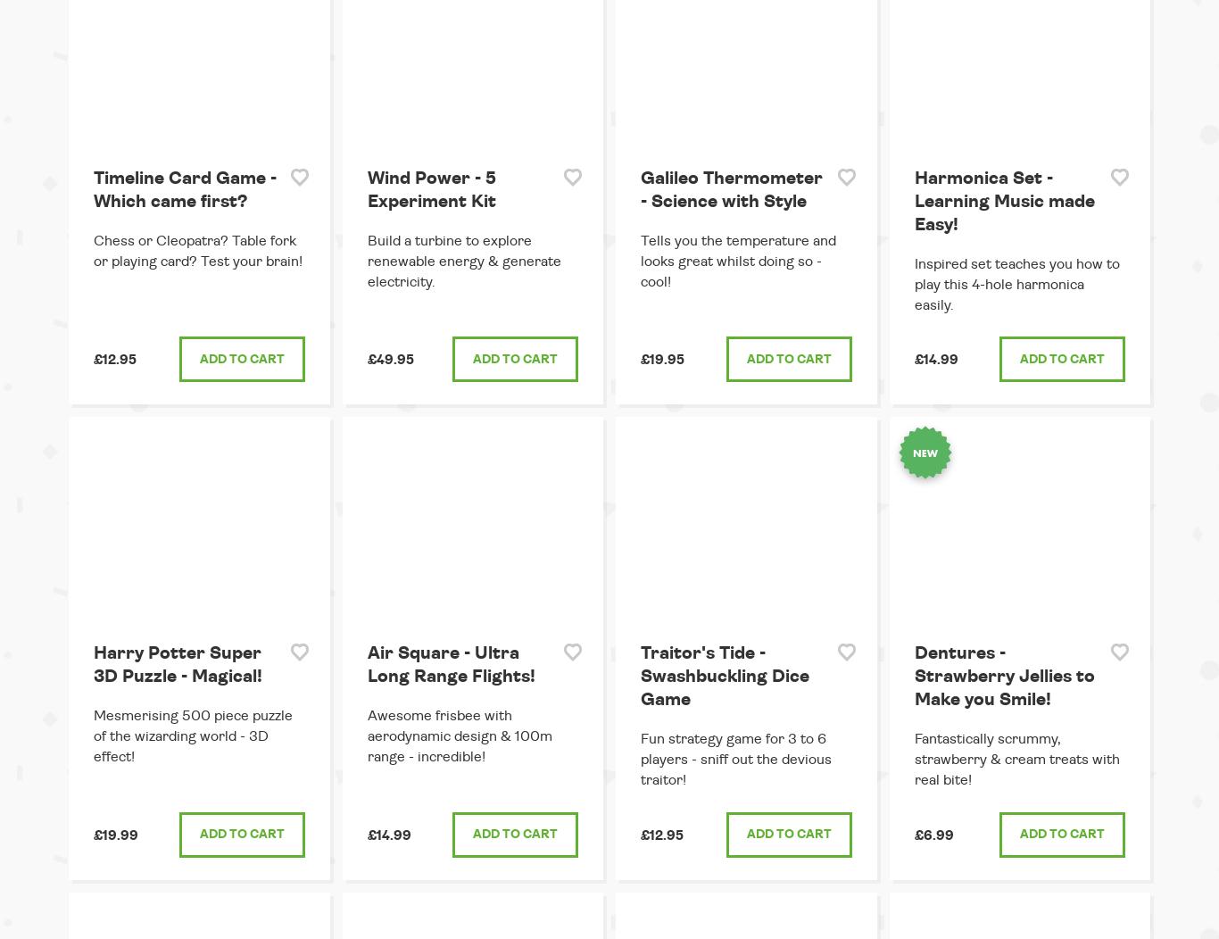  What do you see at coordinates (192, 735) in the screenshot?
I see `'Mesmerising 500 piece puzzle of the wizarding world - 3D effect!'` at bounding box center [192, 735].